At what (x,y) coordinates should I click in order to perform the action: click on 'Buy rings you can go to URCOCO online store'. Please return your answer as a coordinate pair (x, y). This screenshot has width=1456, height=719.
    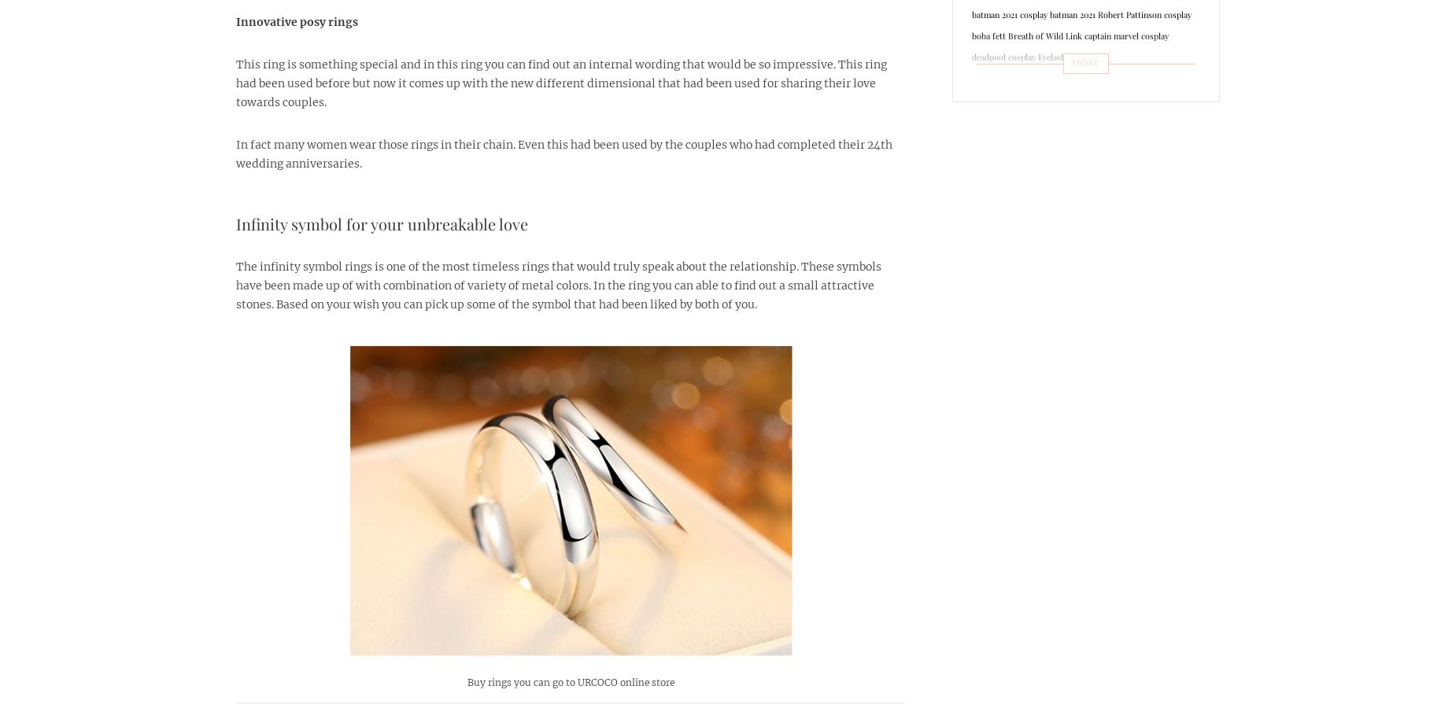
    Looking at the image, I should click on (466, 681).